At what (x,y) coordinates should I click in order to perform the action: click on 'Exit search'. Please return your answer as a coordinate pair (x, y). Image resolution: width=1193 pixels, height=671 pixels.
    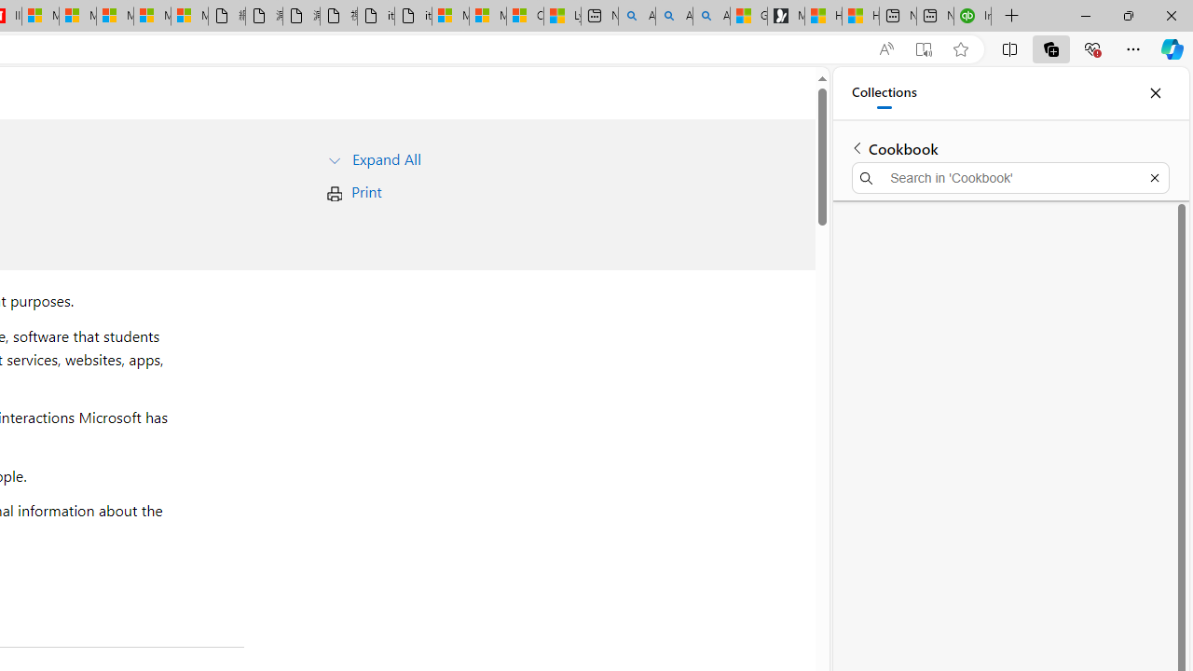
    Looking at the image, I should click on (1154, 178).